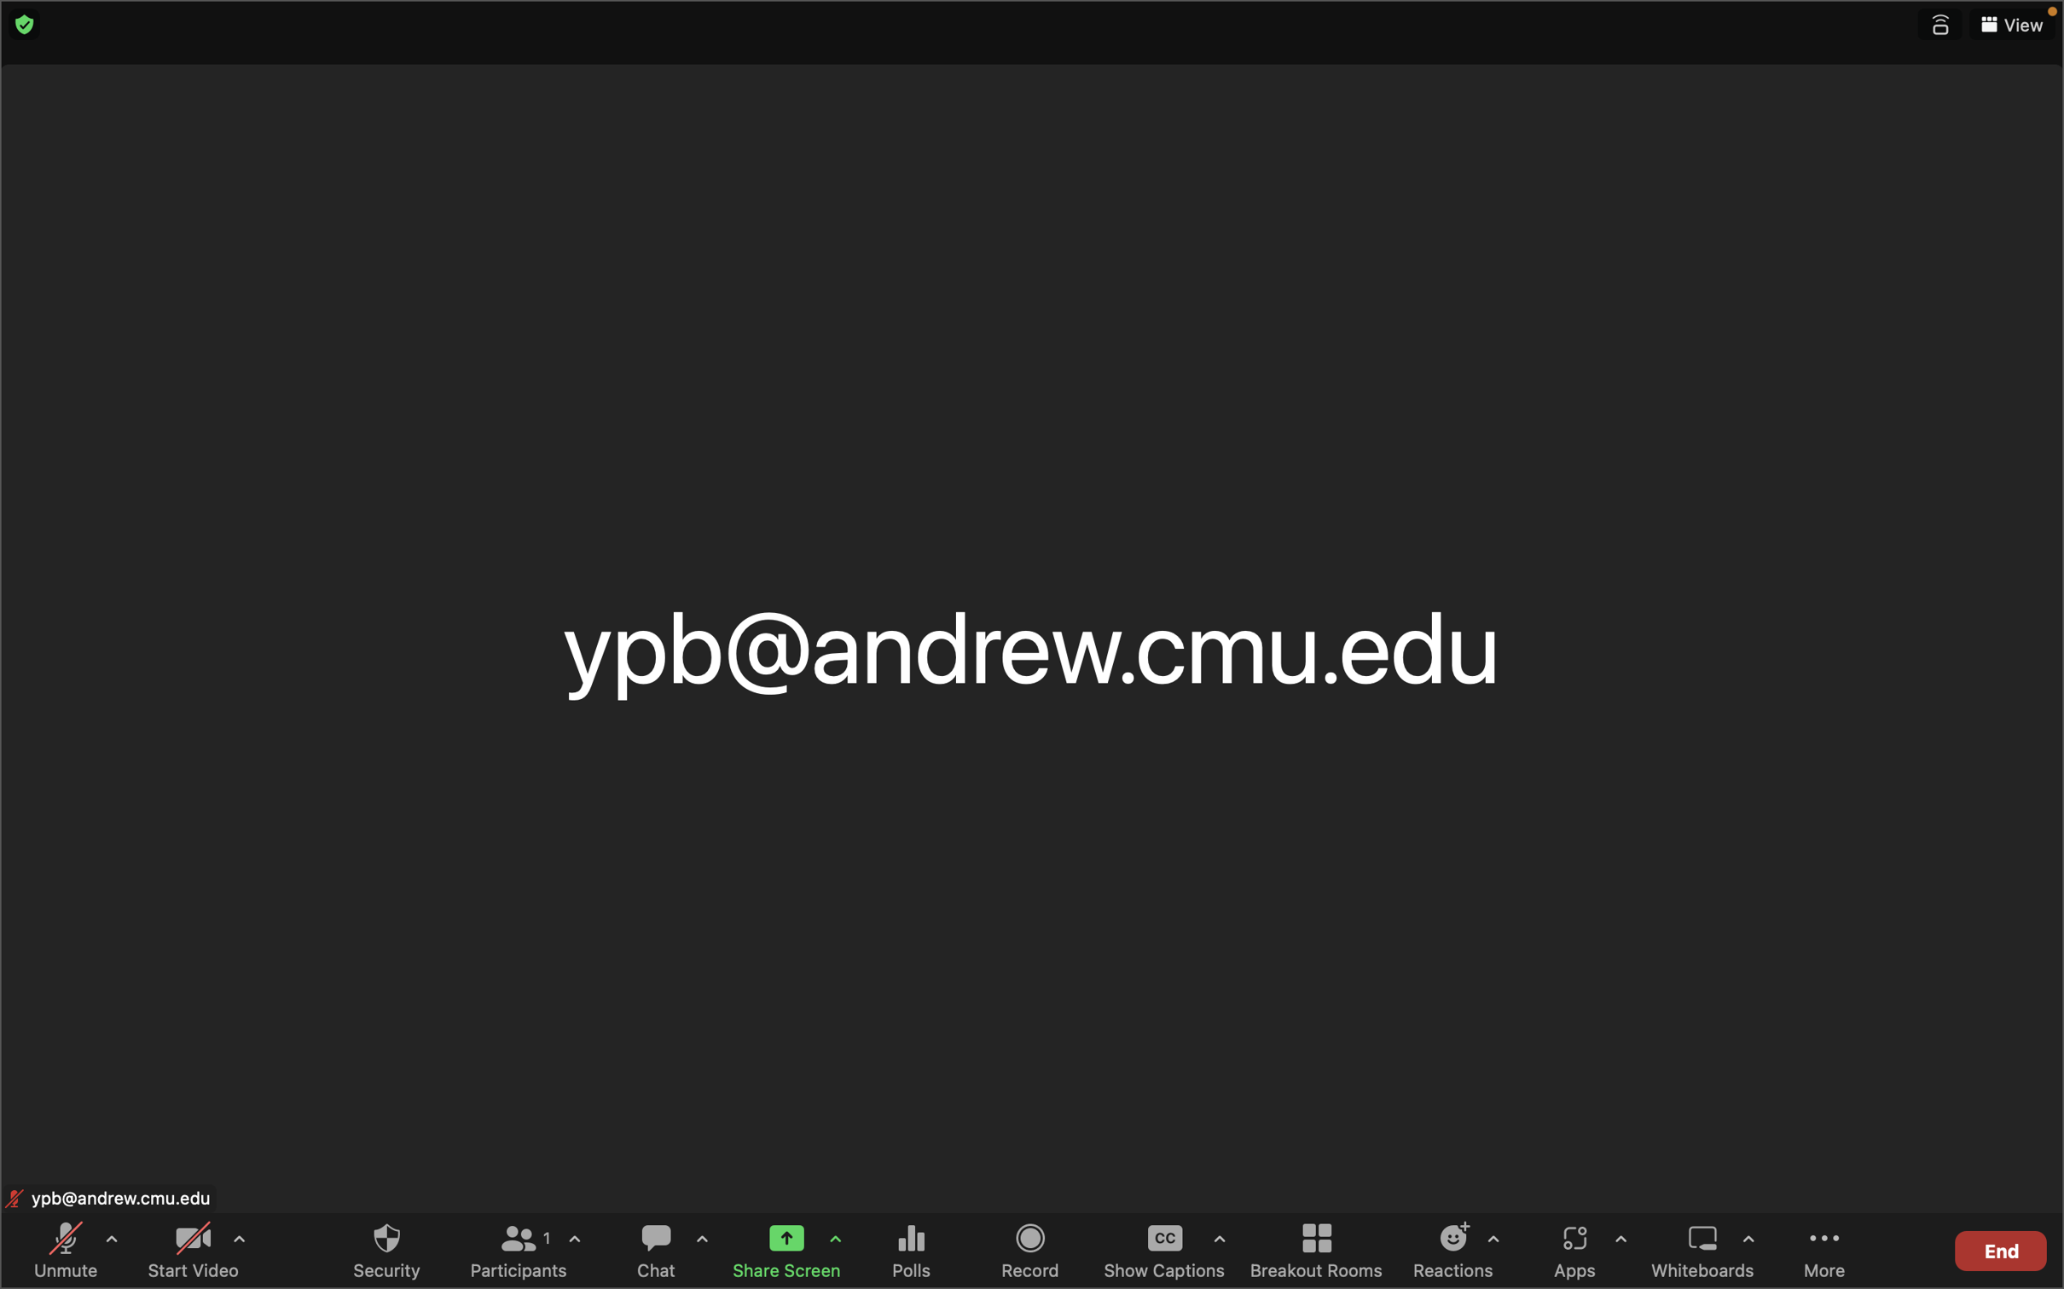 This screenshot has height=1289, width=2064. Describe the element at coordinates (237, 1246) in the screenshot. I see `the settings of the video` at that location.